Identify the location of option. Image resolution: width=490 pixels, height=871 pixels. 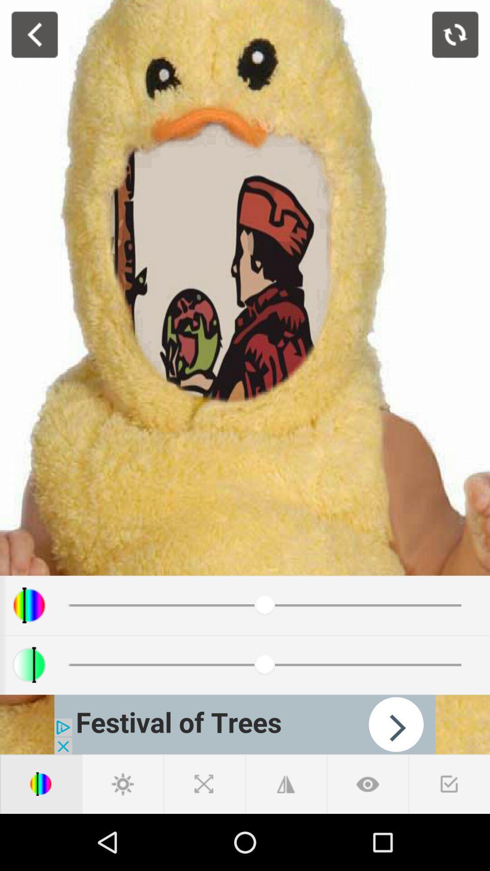
(449, 783).